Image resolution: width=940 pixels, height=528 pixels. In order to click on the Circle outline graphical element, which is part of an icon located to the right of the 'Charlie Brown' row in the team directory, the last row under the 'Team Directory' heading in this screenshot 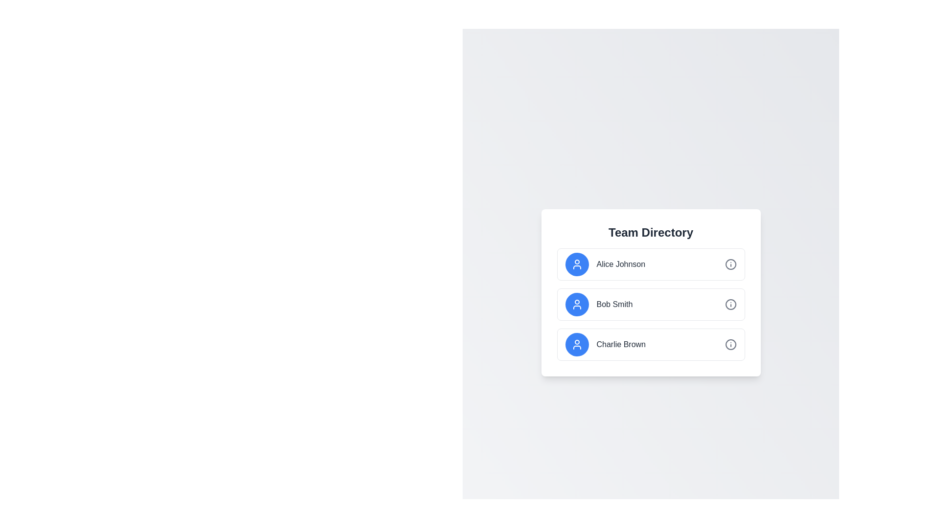, I will do `click(730, 344)`.